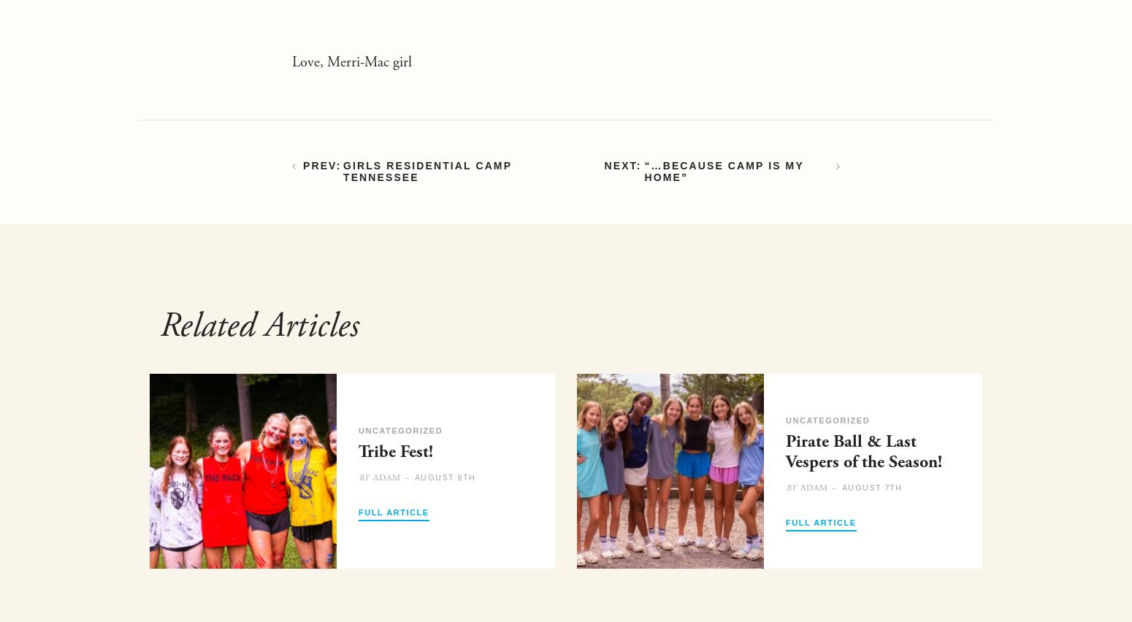 This screenshot has height=622, width=1132. What do you see at coordinates (427, 170) in the screenshot?
I see `'Girls Residential Camp Tennessee'` at bounding box center [427, 170].